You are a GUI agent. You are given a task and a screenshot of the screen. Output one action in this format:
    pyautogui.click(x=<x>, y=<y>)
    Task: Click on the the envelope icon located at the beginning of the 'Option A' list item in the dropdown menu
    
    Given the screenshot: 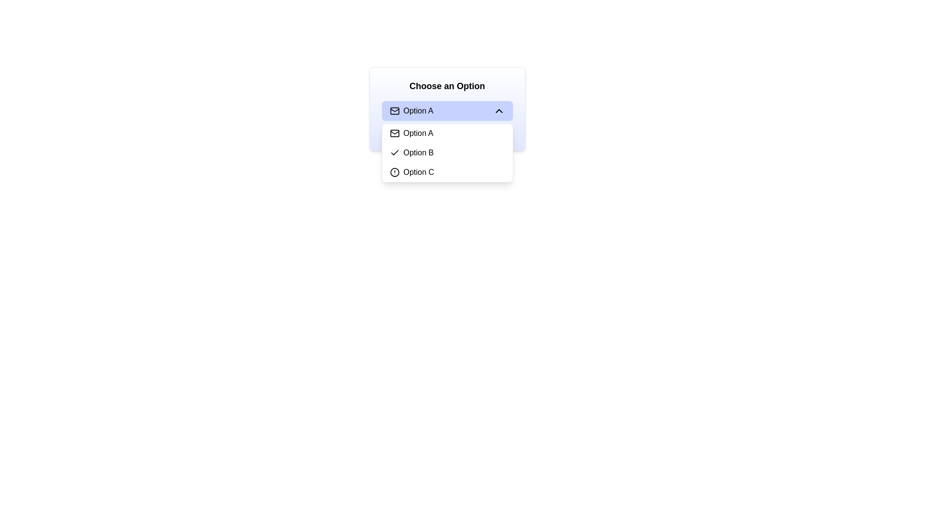 What is the action you would take?
    pyautogui.click(x=394, y=110)
    